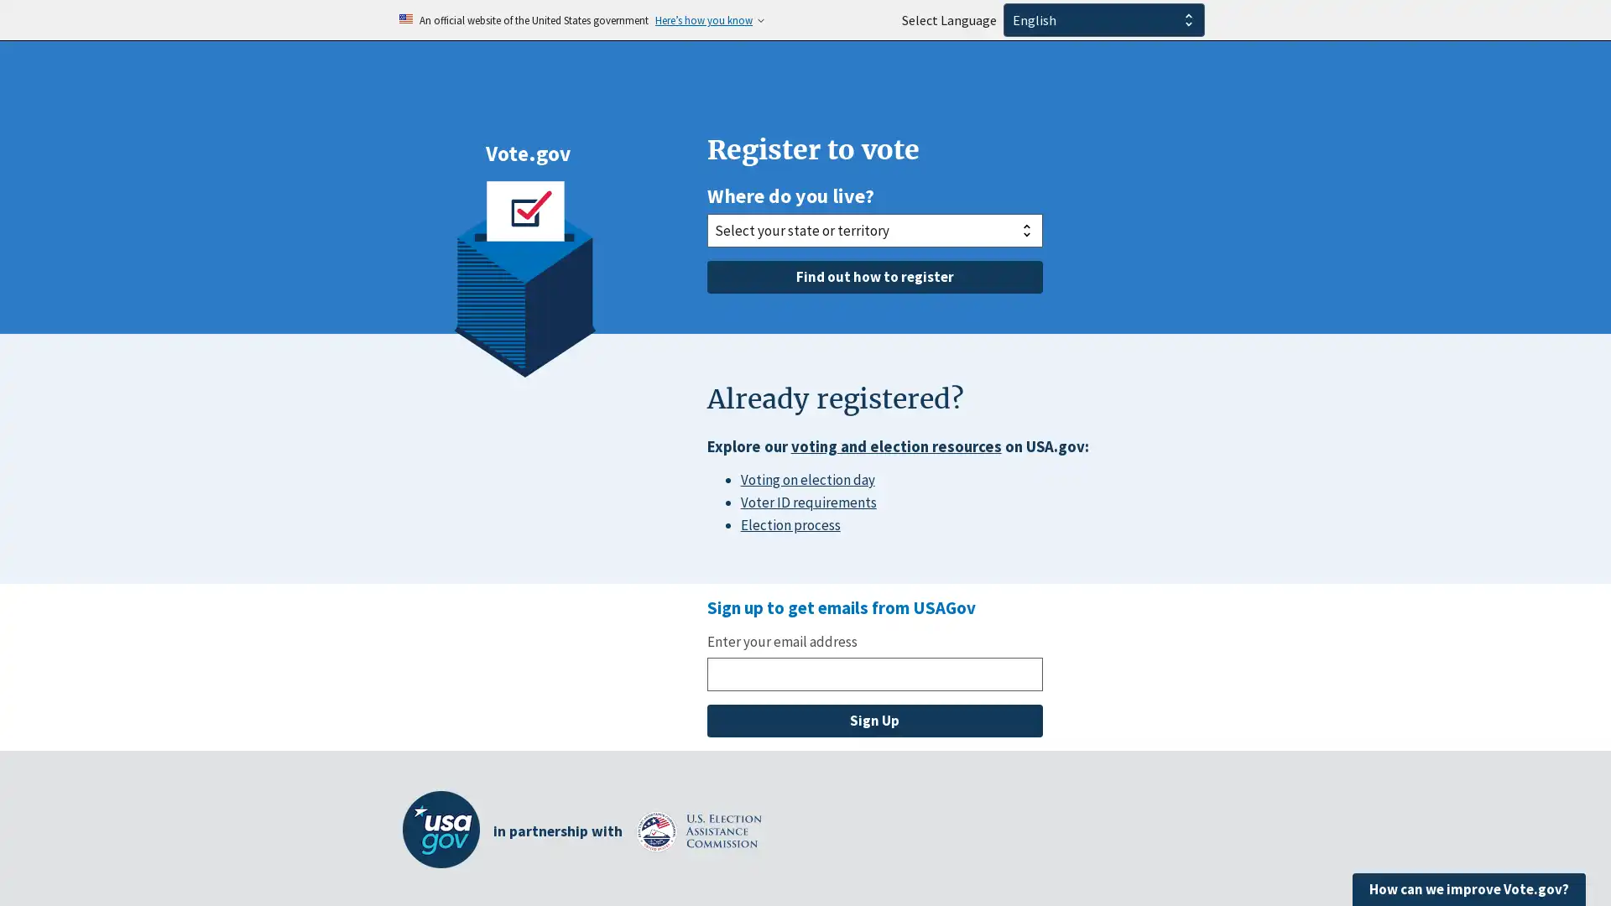  What do you see at coordinates (704, 19) in the screenshot?
I see `Heres how you know` at bounding box center [704, 19].